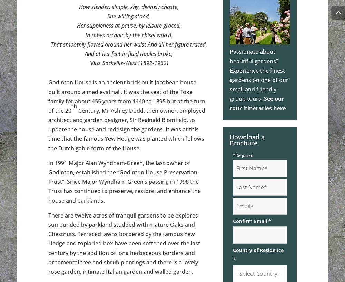  What do you see at coordinates (128, 26) in the screenshot?
I see `'Her suppleness at pause, by leisure graced,'` at bounding box center [128, 26].